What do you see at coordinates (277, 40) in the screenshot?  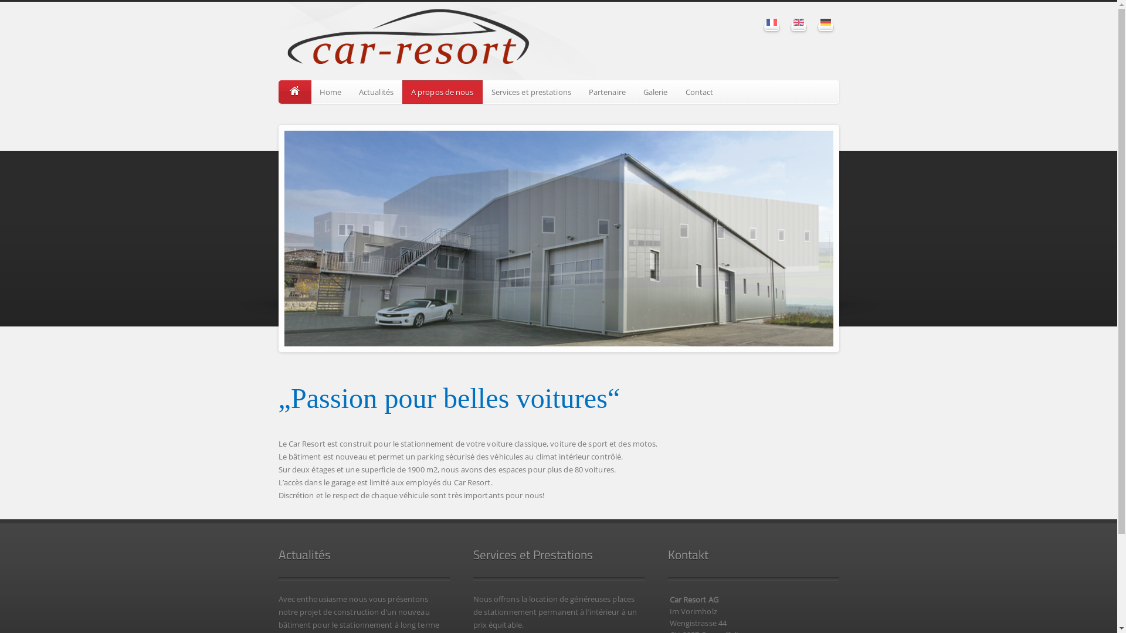 I see `'Car Resort AG'` at bounding box center [277, 40].